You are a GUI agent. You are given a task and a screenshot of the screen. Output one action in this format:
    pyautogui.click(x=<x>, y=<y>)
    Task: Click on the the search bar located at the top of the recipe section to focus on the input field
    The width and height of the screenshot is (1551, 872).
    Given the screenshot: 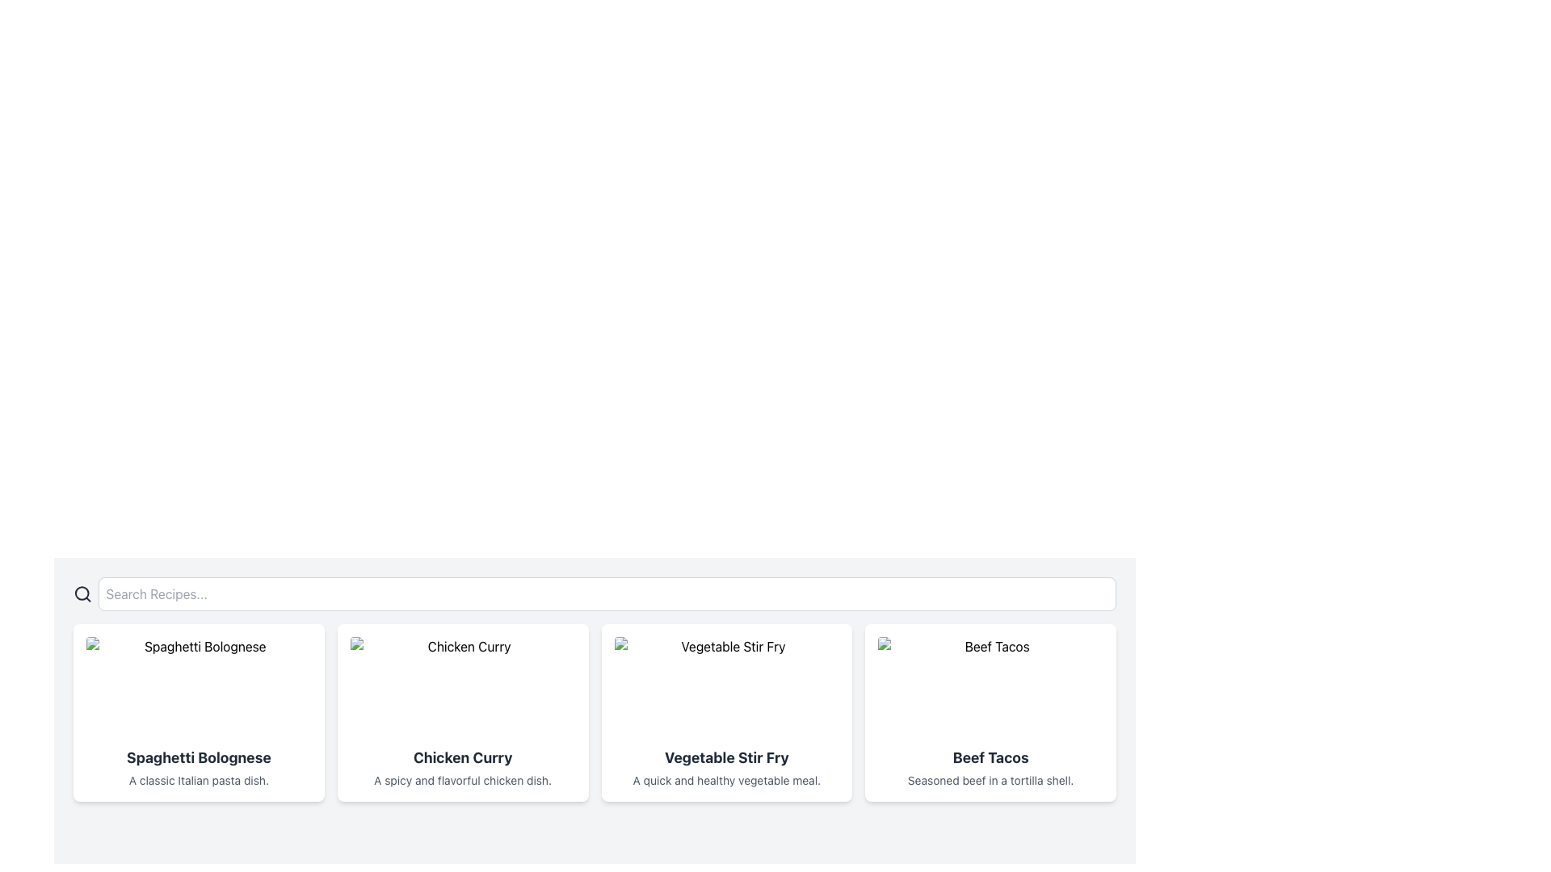 What is the action you would take?
    pyautogui.click(x=594, y=594)
    